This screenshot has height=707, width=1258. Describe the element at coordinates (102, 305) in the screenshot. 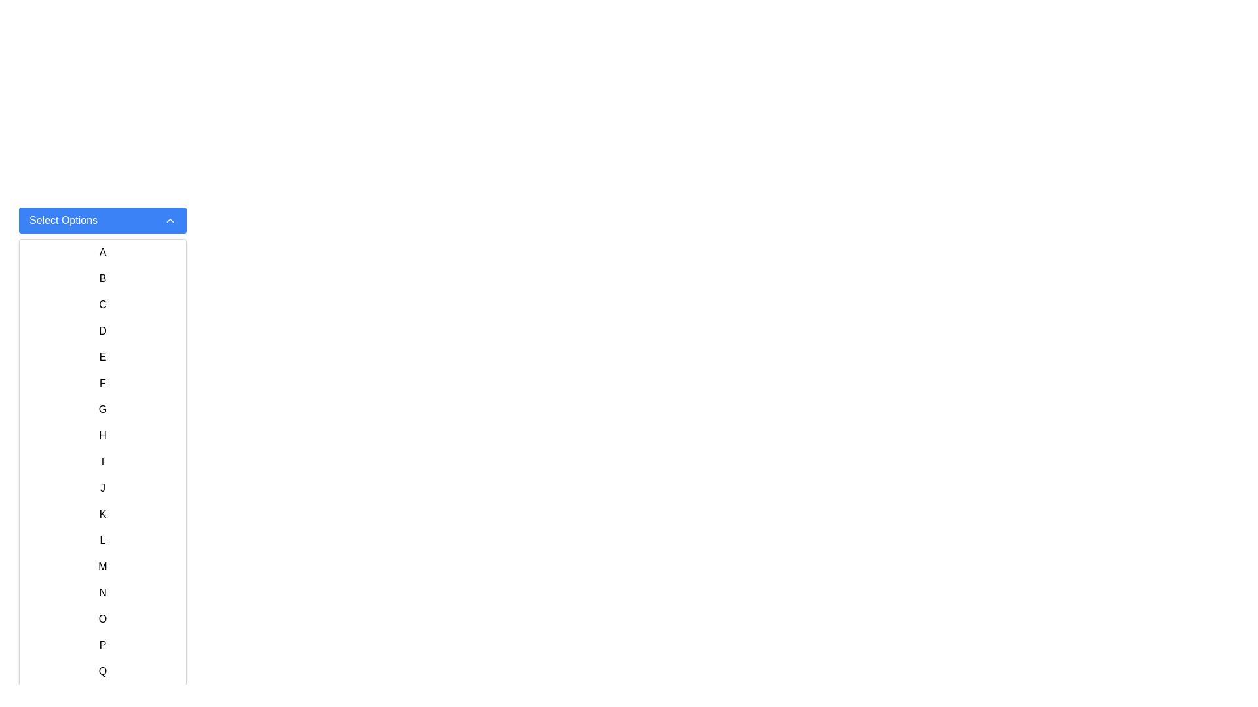

I see `the text item 'C' in the dropdown menu, which is the third item in the list labeled 'Select Options'` at that location.